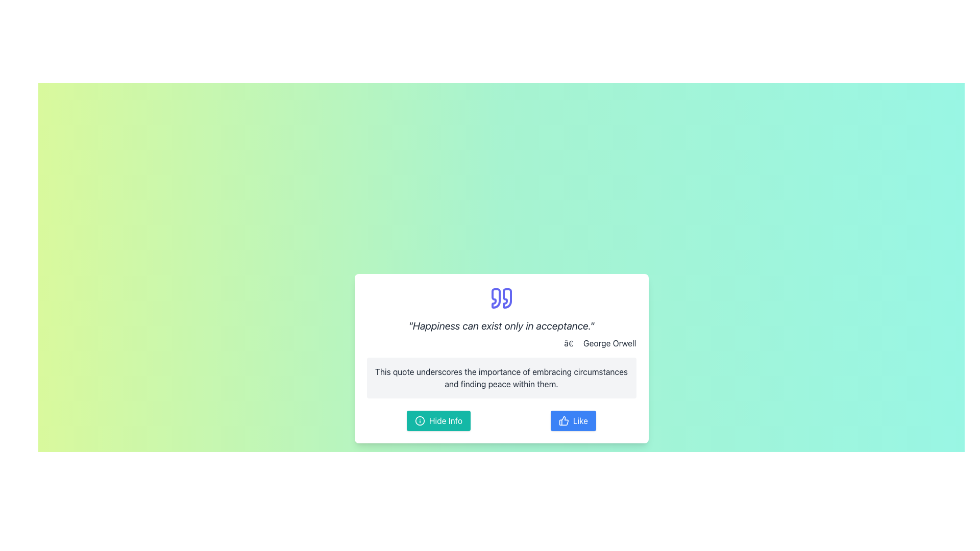 The height and width of the screenshot is (551, 980). What do you see at coordinates (501, 326) in the screenshot?
I see `quote displayed in the central Text Label located below the quotation mark icon and above the author credit` at bounding box center [501, 326].